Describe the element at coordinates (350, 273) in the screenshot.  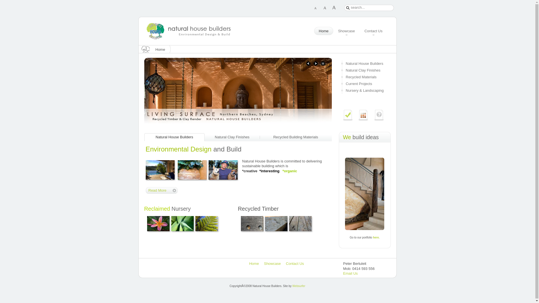
I see `'Email Us'` at that location.